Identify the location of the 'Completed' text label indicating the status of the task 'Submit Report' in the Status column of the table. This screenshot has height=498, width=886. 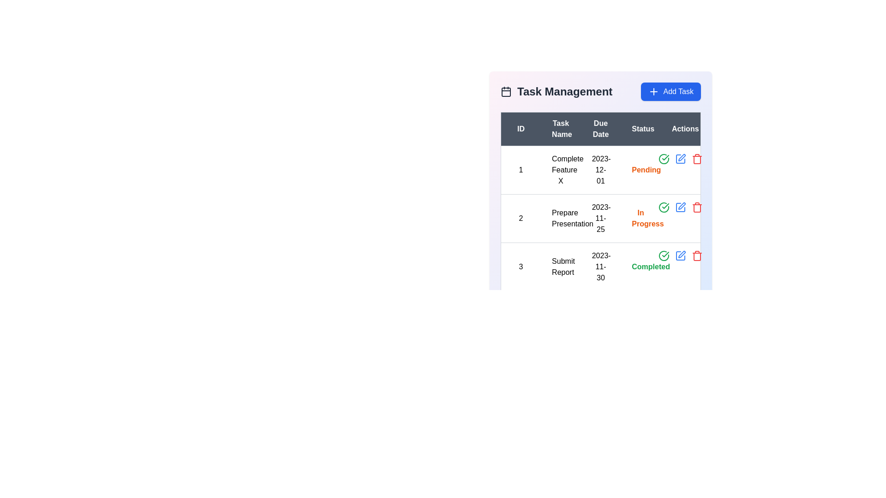
(640, 267).